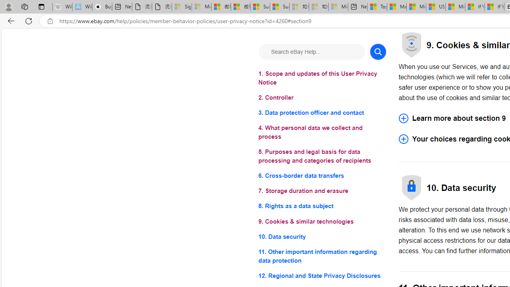 This screenshot has width=510, height=287. I want to click on 'Search eBay Help...', so click(311, 51).